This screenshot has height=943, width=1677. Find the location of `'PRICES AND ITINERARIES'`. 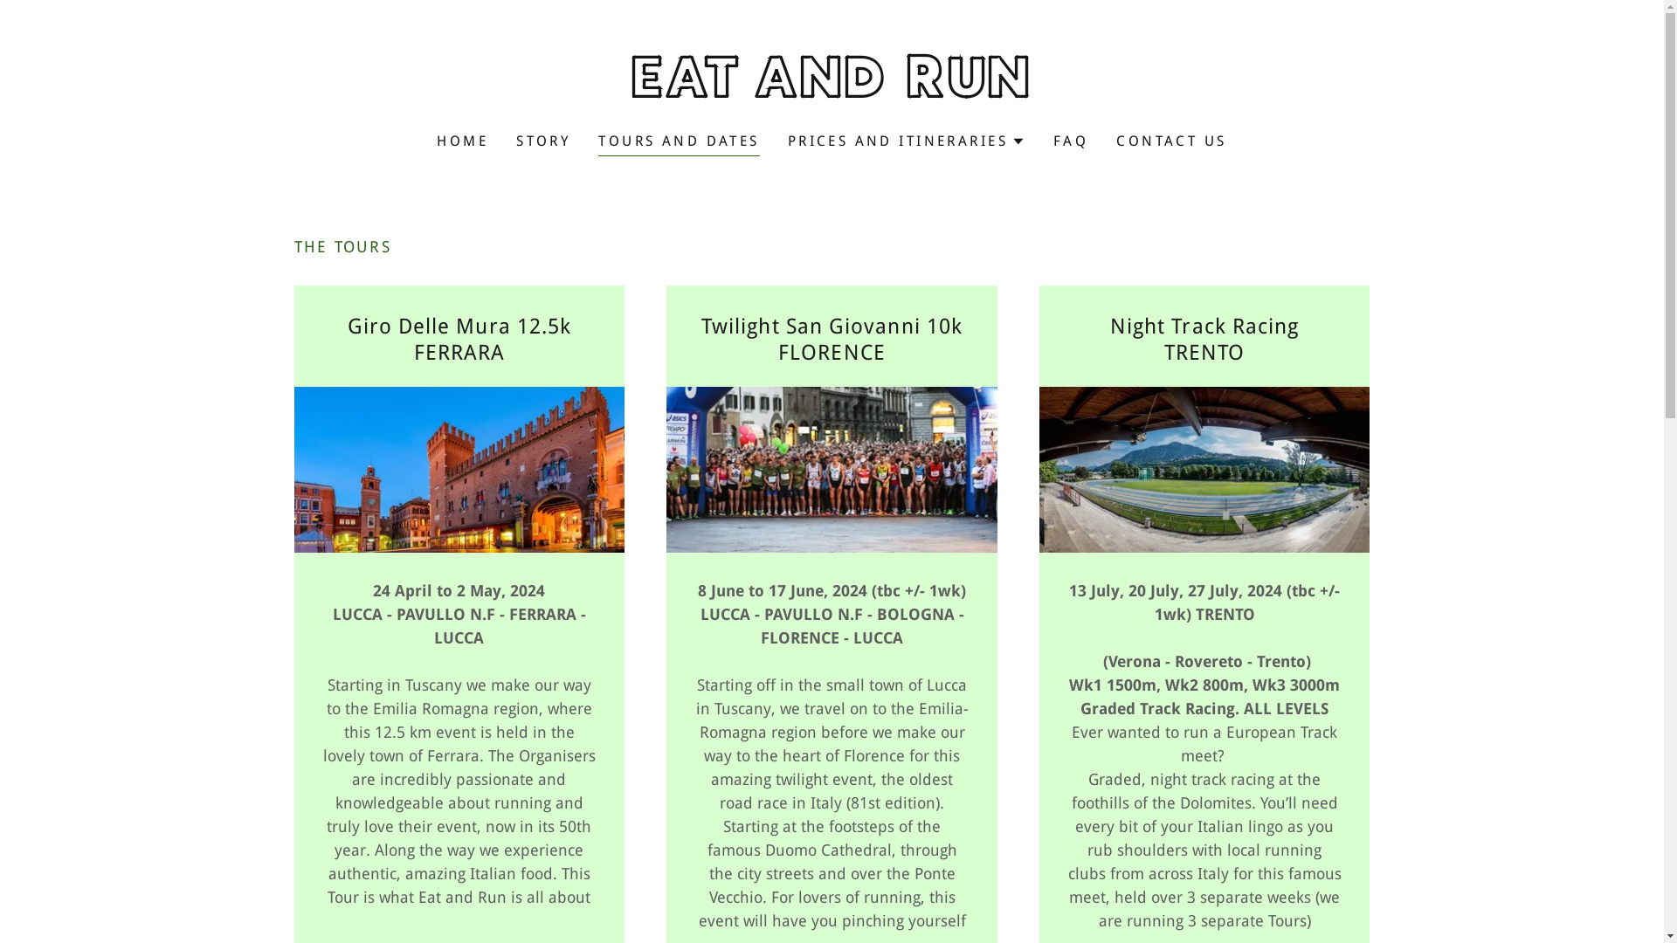

'PRICES AND ITINERARIES' is located at coordinates (906, 141).